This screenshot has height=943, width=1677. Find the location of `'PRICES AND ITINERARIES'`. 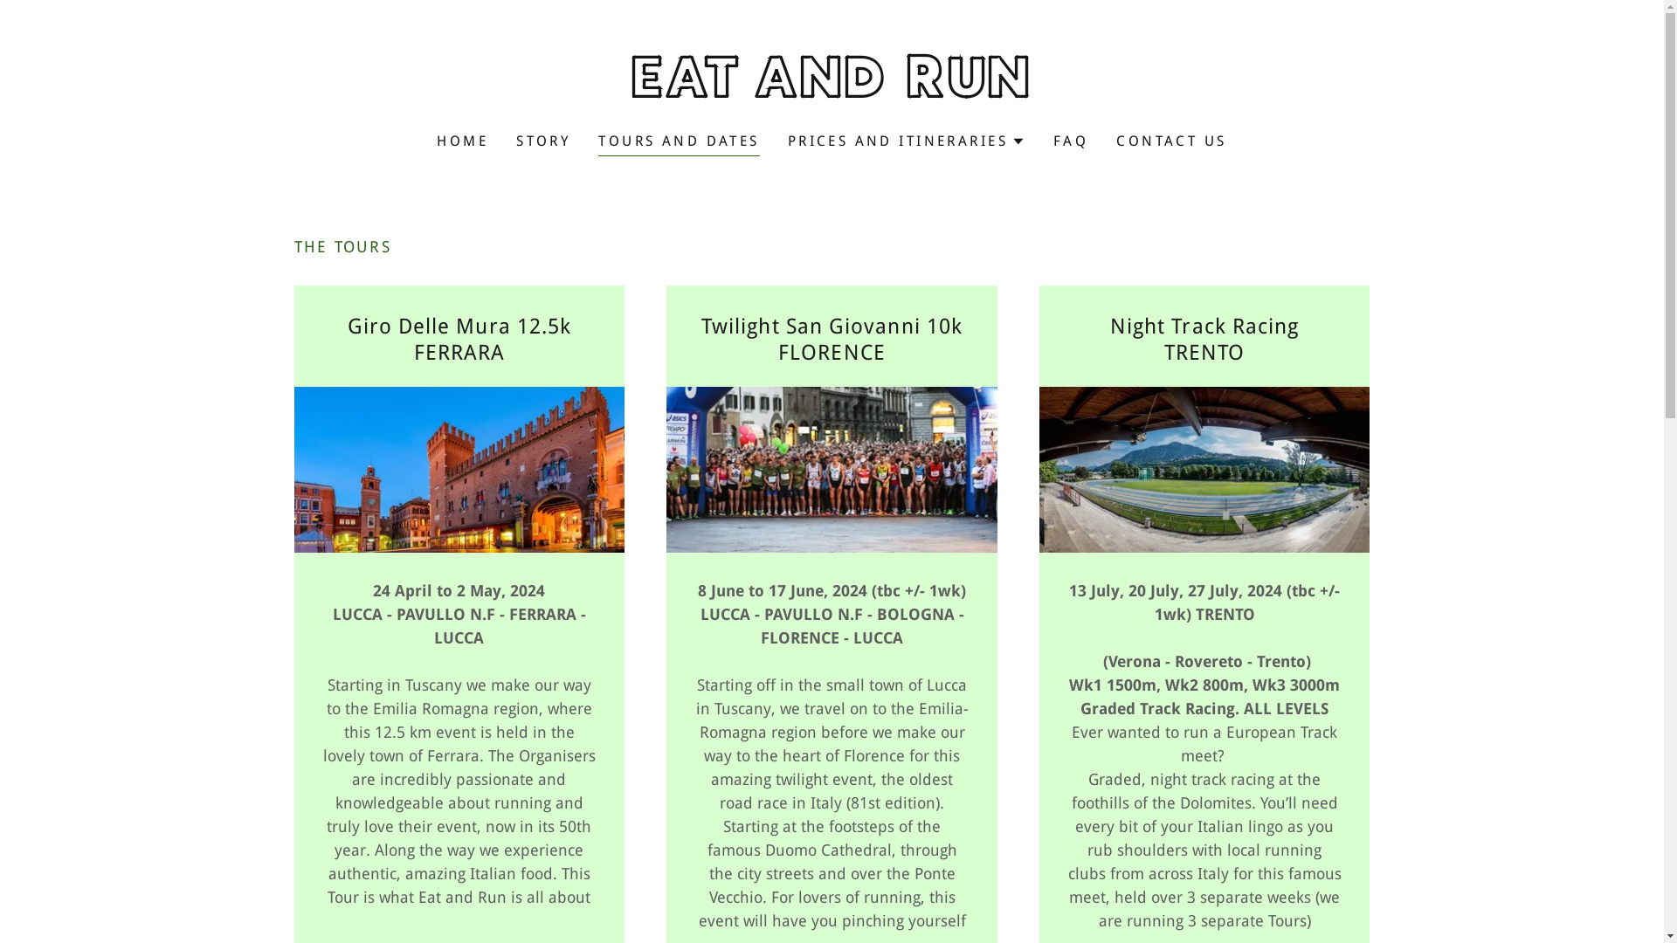

'PRICES AND ITINERARIES' is located at coordinates (906, 141).